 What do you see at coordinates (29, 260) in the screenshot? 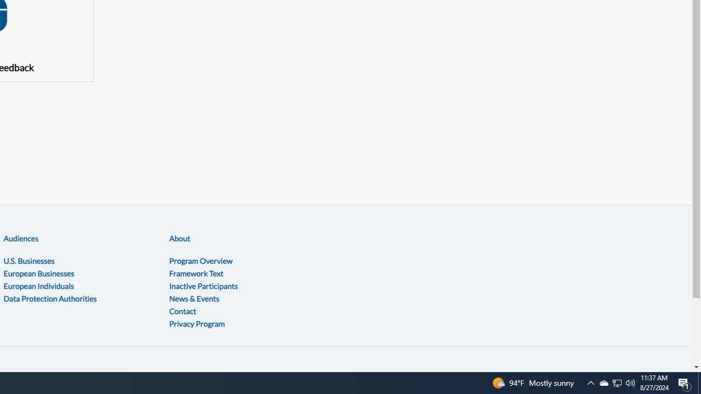
I see `'U.S. Businesses'` at bounding box center [29, 260].